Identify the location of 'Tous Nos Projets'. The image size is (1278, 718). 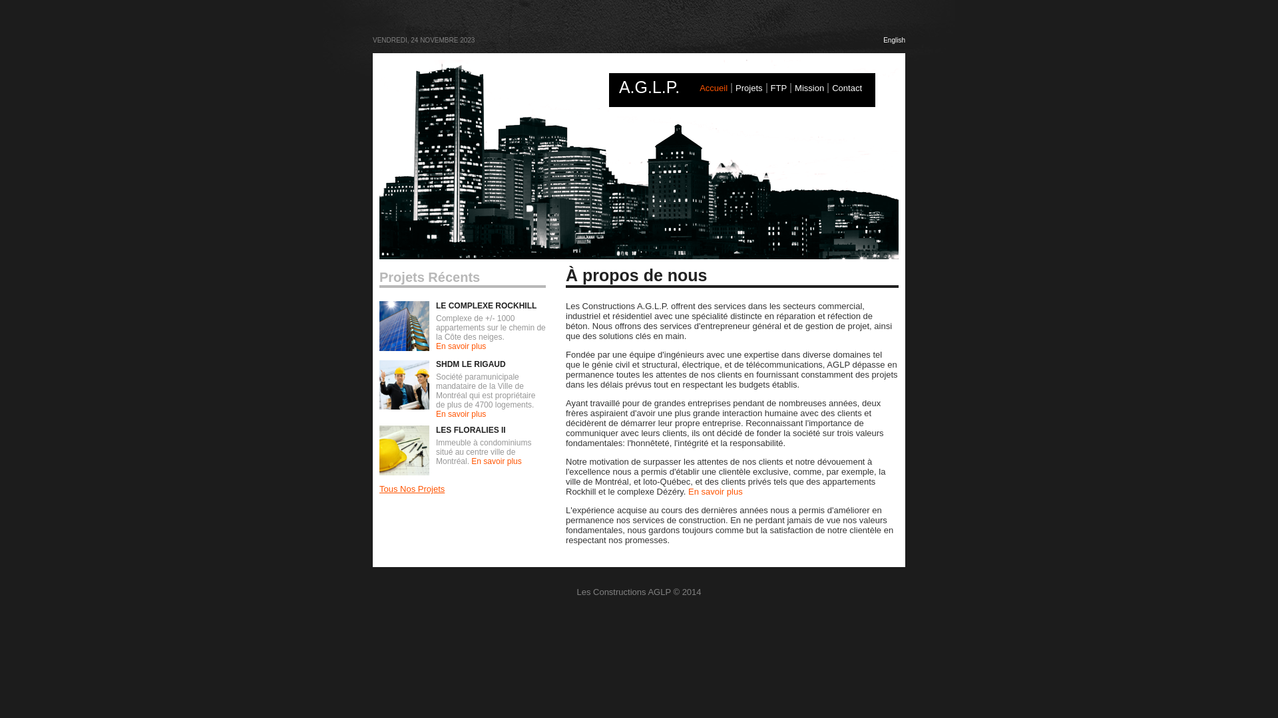
(411, 489).